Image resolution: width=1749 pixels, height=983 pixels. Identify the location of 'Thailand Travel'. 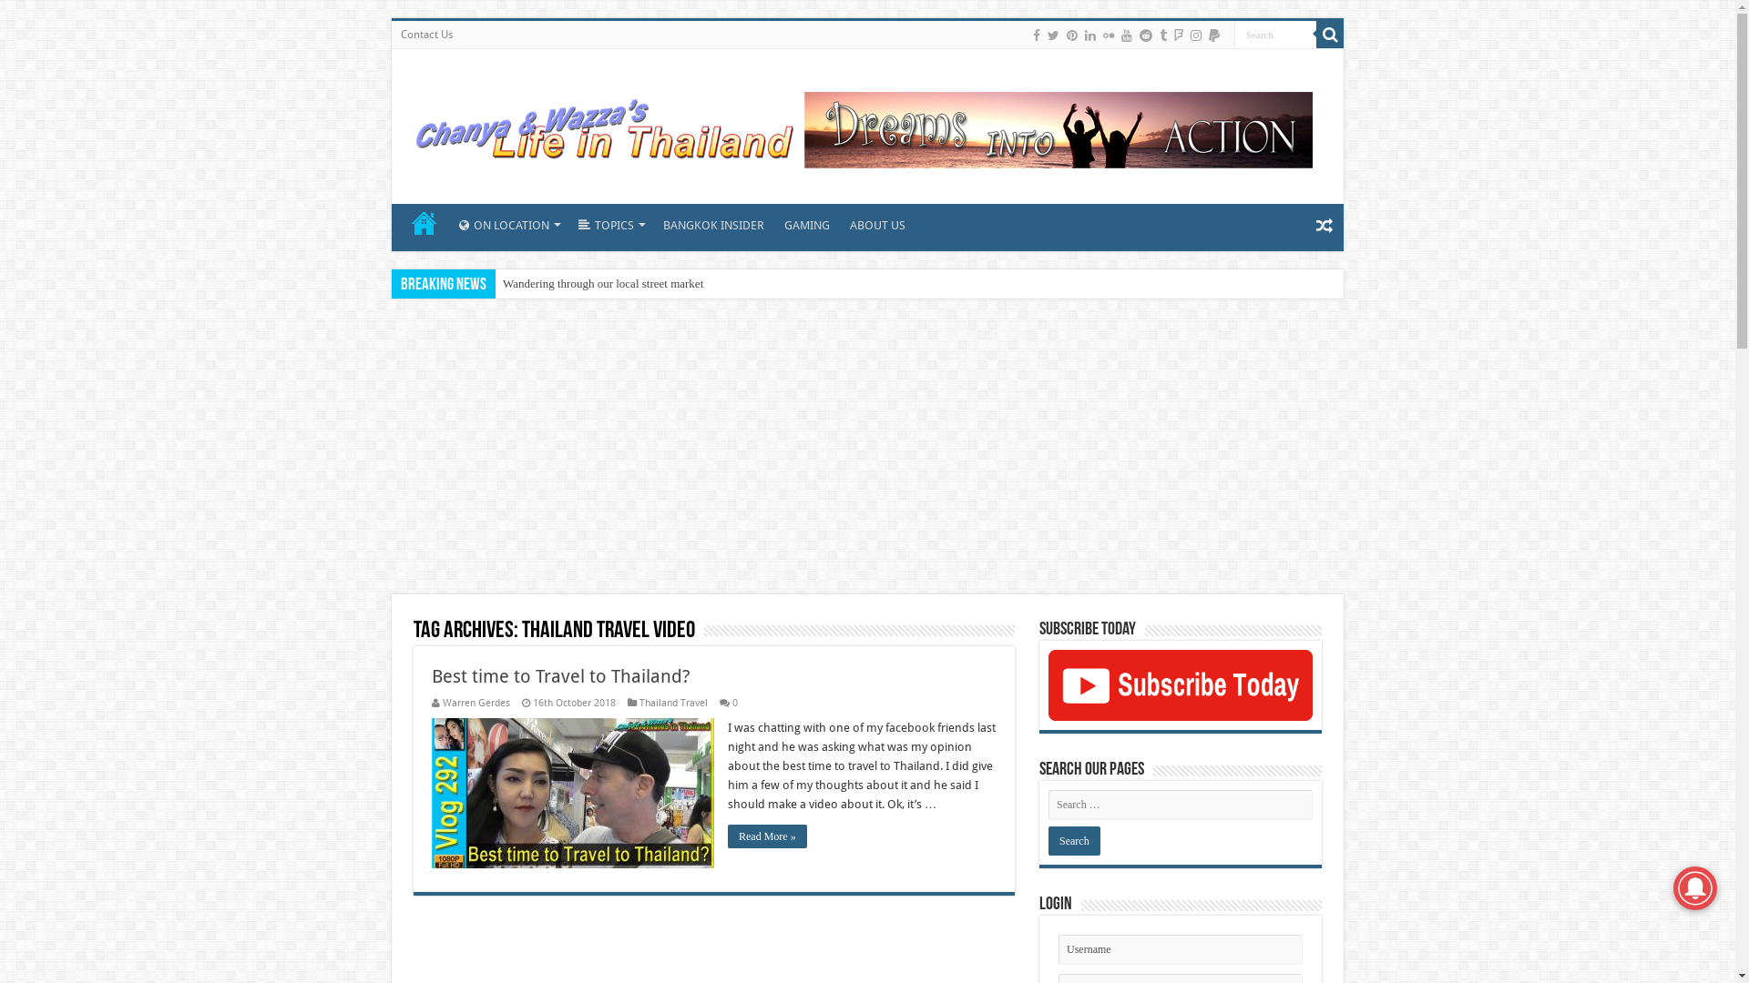
(672, 702).